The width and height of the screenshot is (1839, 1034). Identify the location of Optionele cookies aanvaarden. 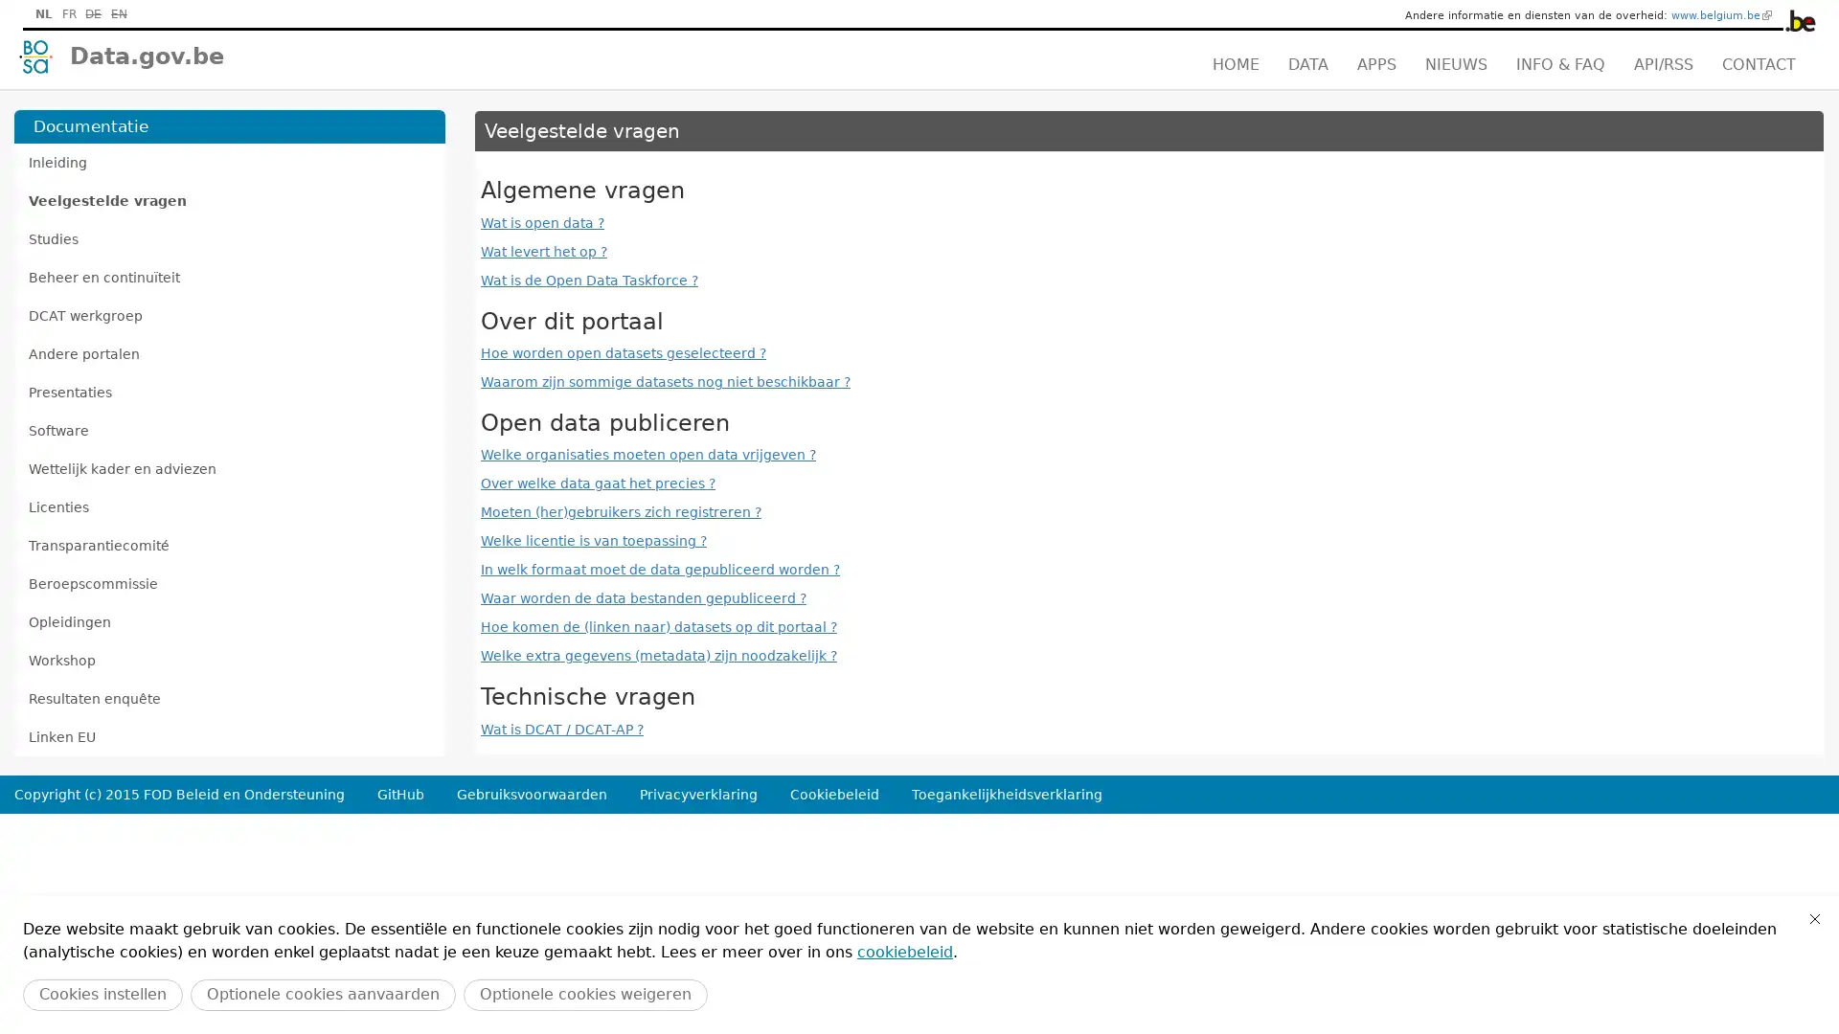
(323, 994).